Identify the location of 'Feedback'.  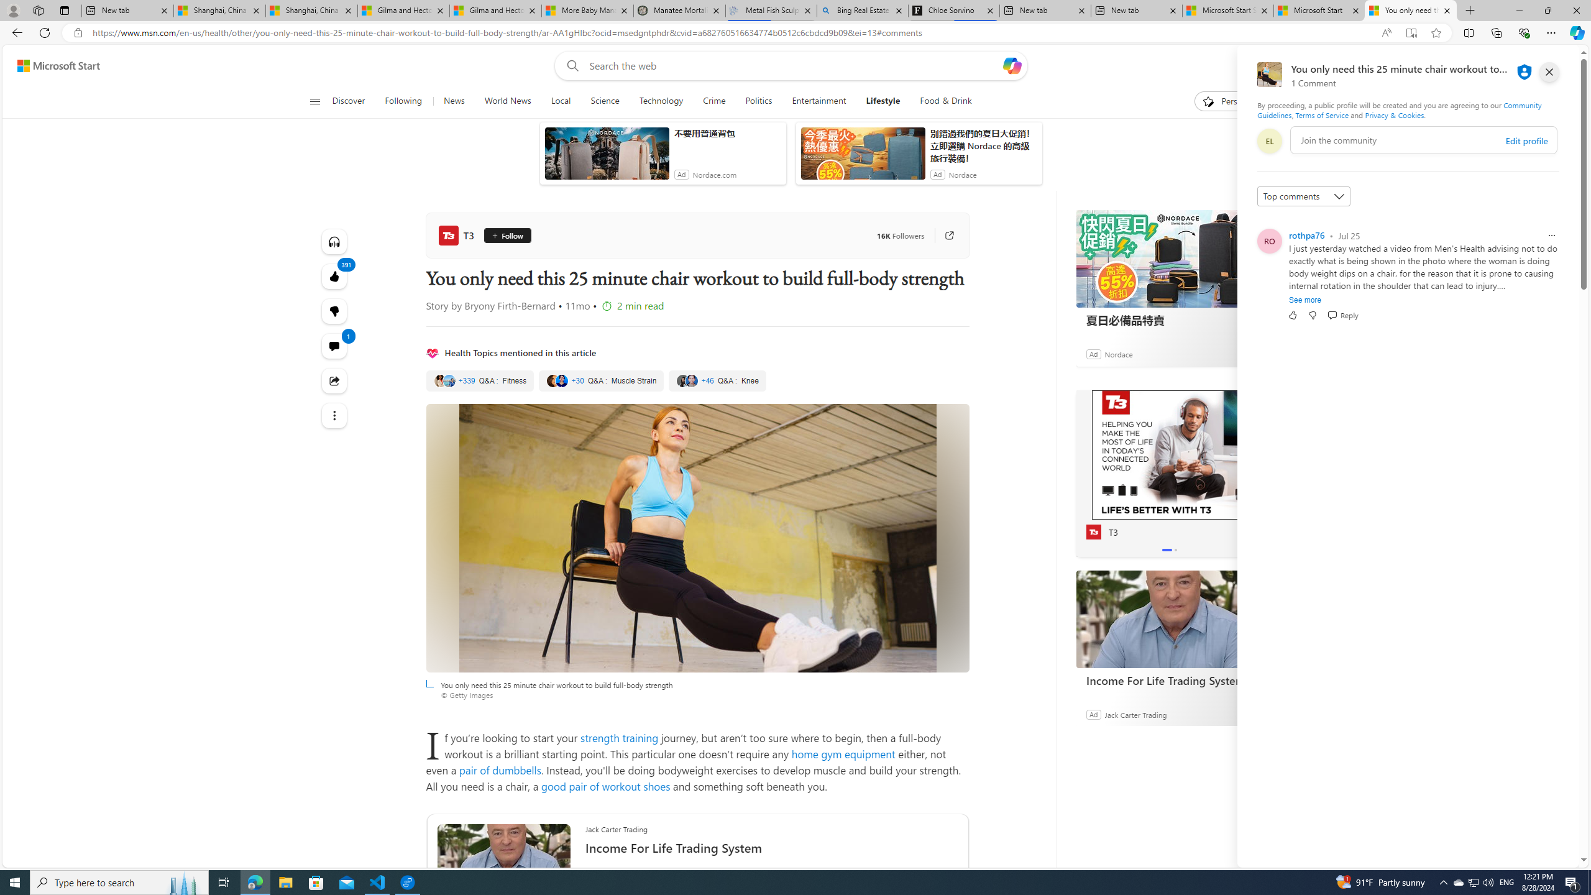
(1532, 856).